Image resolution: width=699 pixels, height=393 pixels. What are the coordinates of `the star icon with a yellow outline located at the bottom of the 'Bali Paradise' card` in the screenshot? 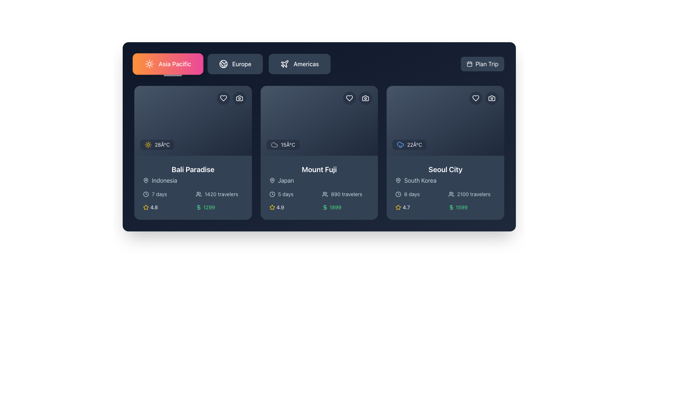 It's located at (146, 207).